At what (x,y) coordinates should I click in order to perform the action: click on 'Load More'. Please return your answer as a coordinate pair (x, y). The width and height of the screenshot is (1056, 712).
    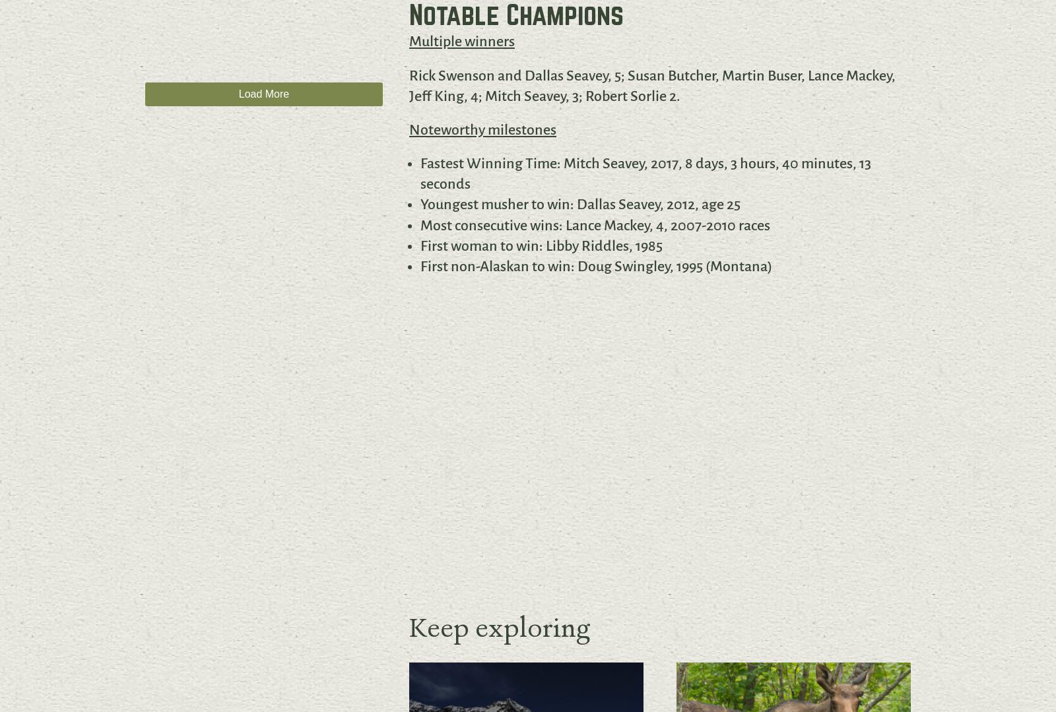
    Looking at the image, I should click on (263, 93).